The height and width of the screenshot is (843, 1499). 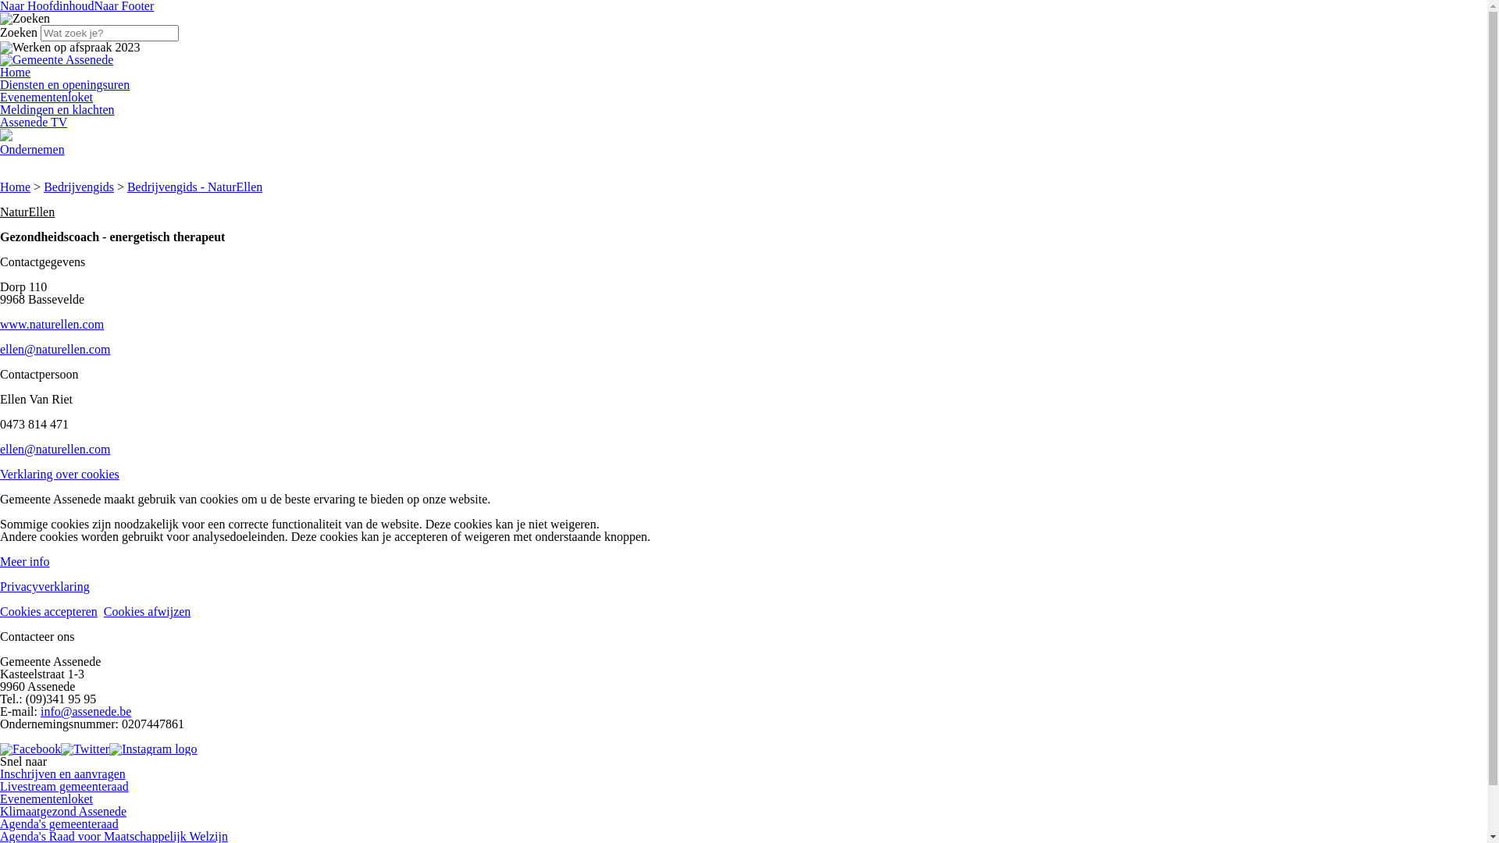 What do you see at coordinates (57, 108) in the screenshot?
I see `'Meldingen en klachten'` at bounding box center [57, 108].